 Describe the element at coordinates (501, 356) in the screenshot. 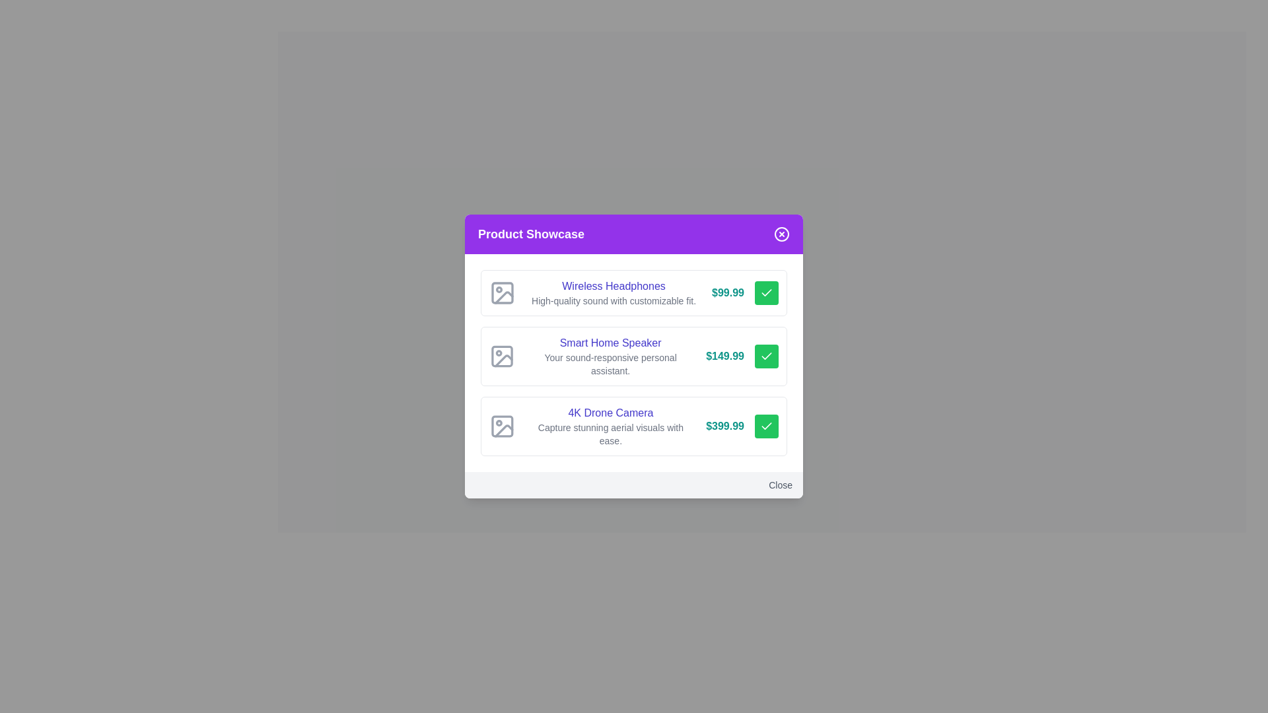

I see `the gray SVG graphic icon representing an abstract image located to the left of the 'Smart Home Speaker' item in the product list` at that location.